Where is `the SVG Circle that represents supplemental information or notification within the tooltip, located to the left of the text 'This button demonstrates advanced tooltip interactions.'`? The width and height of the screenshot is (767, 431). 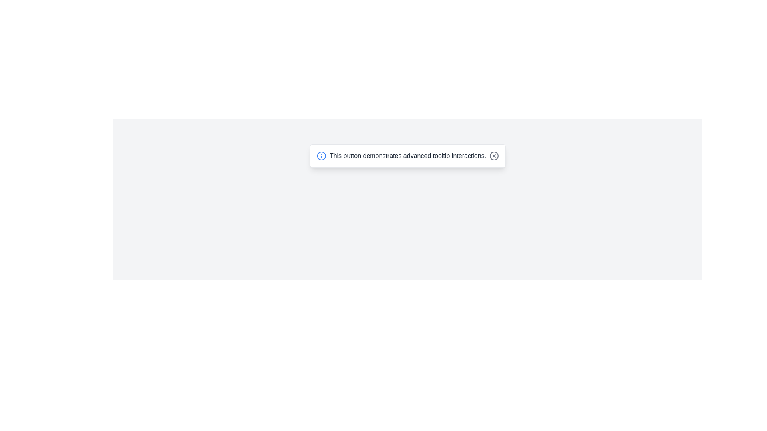 the SVG Circle that represents supplemental information or notification within the tooltip, located to the left of the text 'This button demonstrates advanced tooltip interactions.' is located at coordinates (321, 156).